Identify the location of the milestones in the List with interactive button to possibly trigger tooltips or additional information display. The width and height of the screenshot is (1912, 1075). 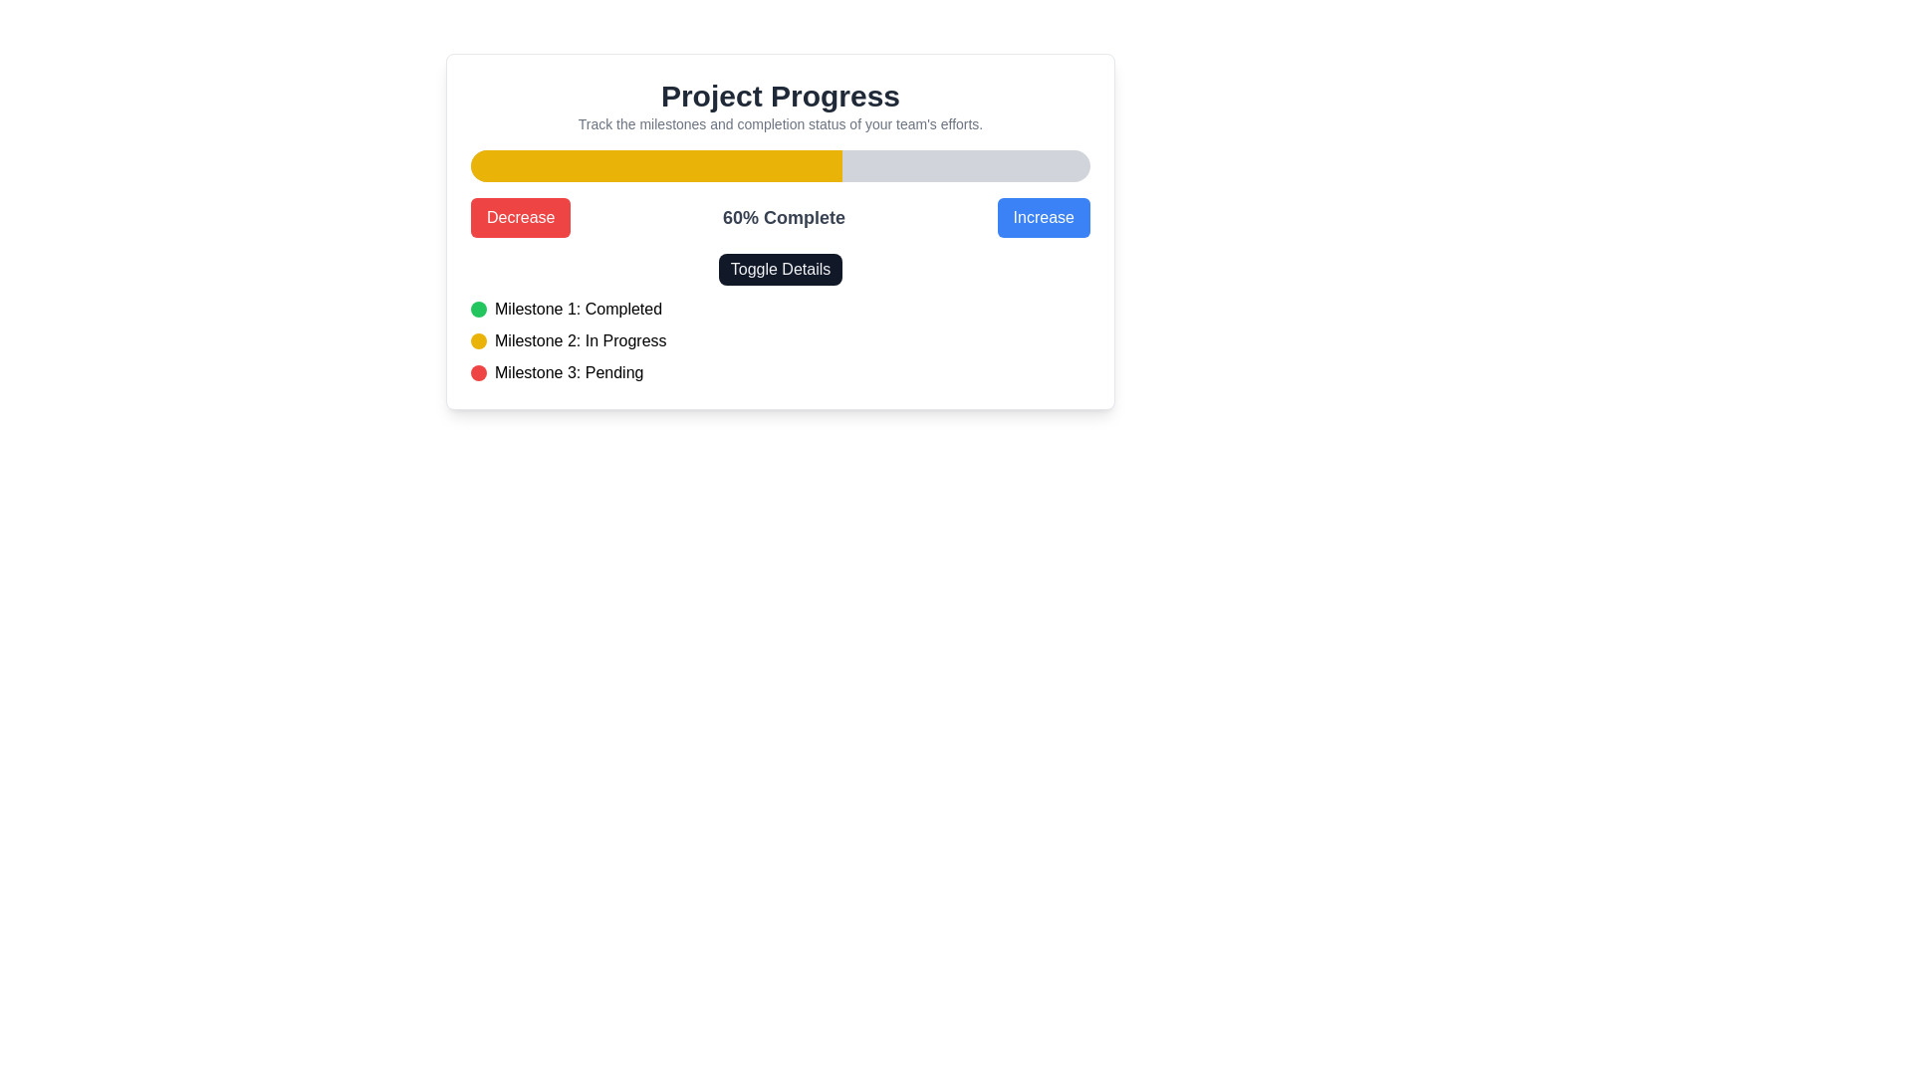
(779, 318).